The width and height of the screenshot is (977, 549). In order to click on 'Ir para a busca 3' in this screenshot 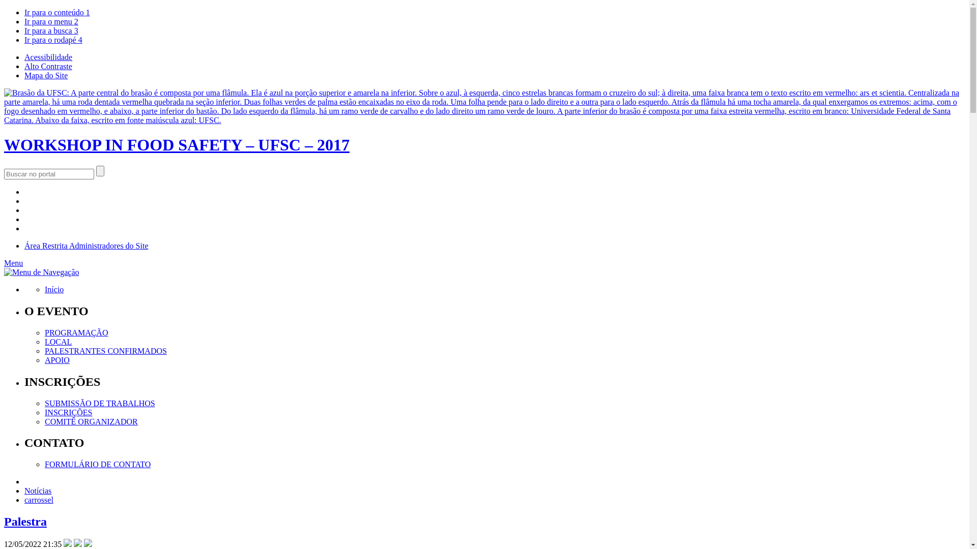, I will do `click(50, 30)`.